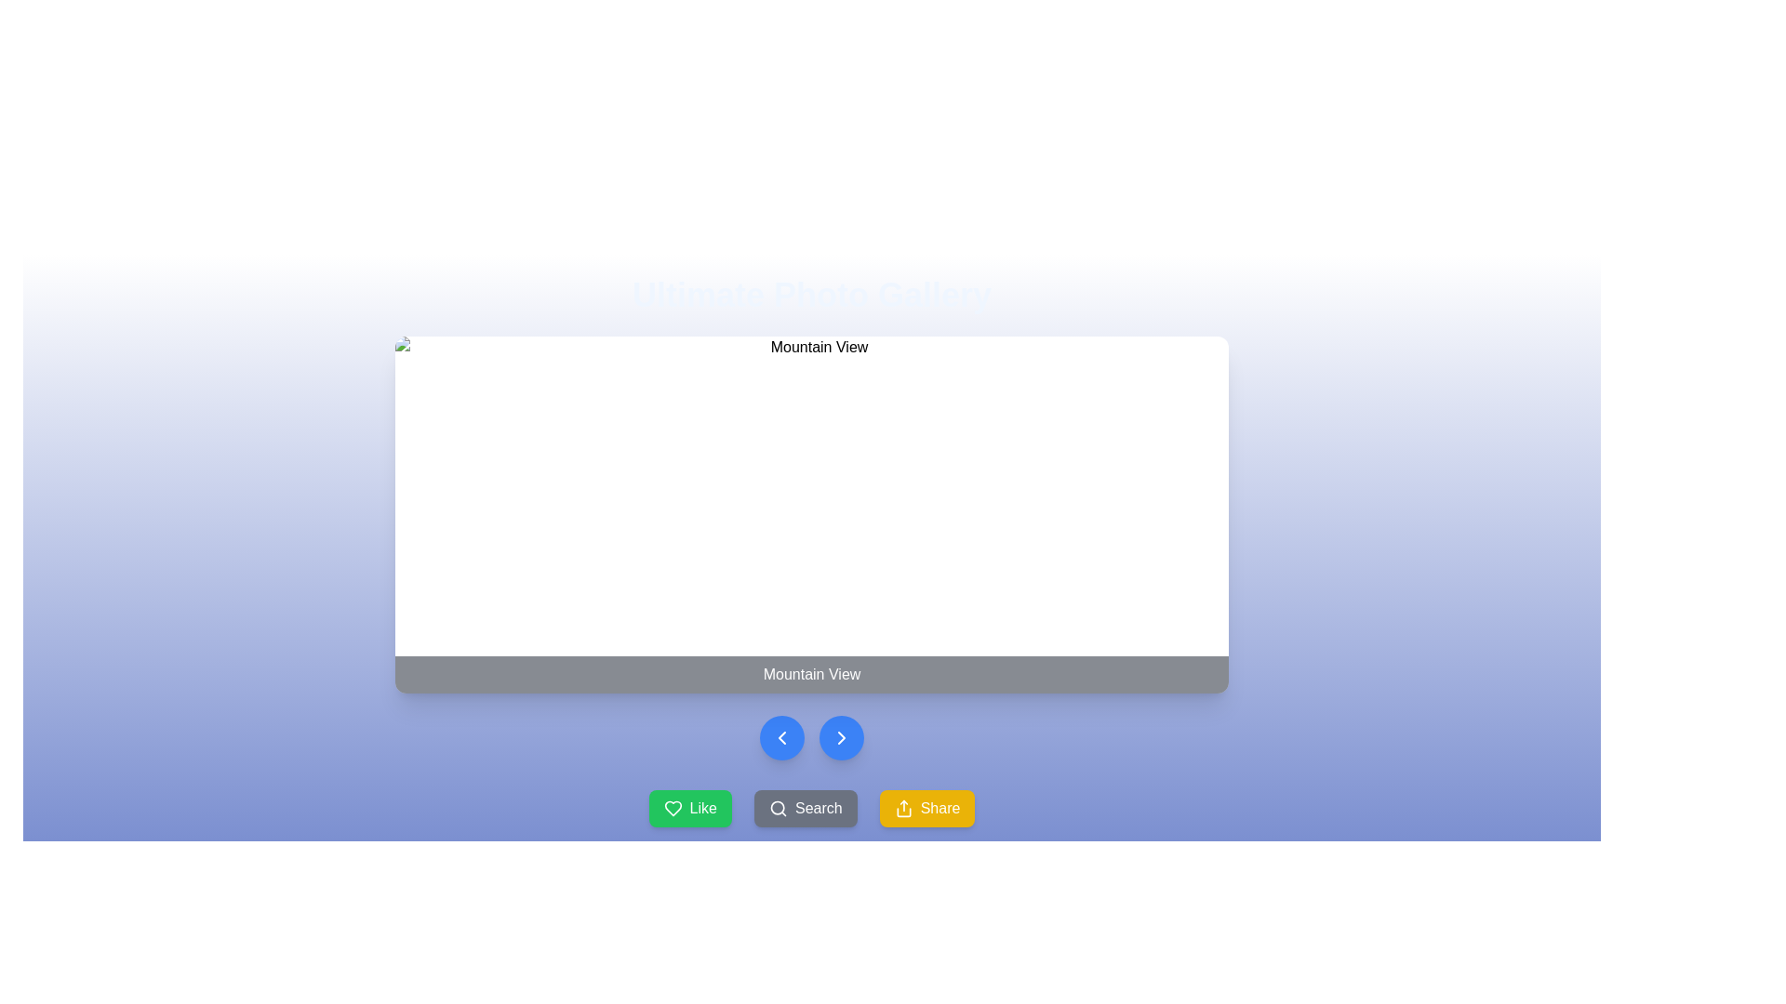  Describe the element at coordinates (927, 808) in the screenshot. I see `the 'Share' button, which is a rectangular button with a yellow background and white text containing an upward arrow icon, located in the bottom-center area of the interface` at that location.